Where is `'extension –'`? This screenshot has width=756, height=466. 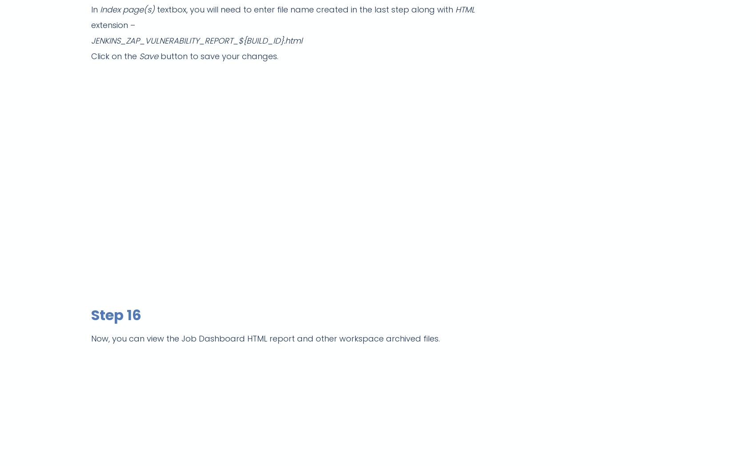
'extension –' is located at coordinates (91, 25).